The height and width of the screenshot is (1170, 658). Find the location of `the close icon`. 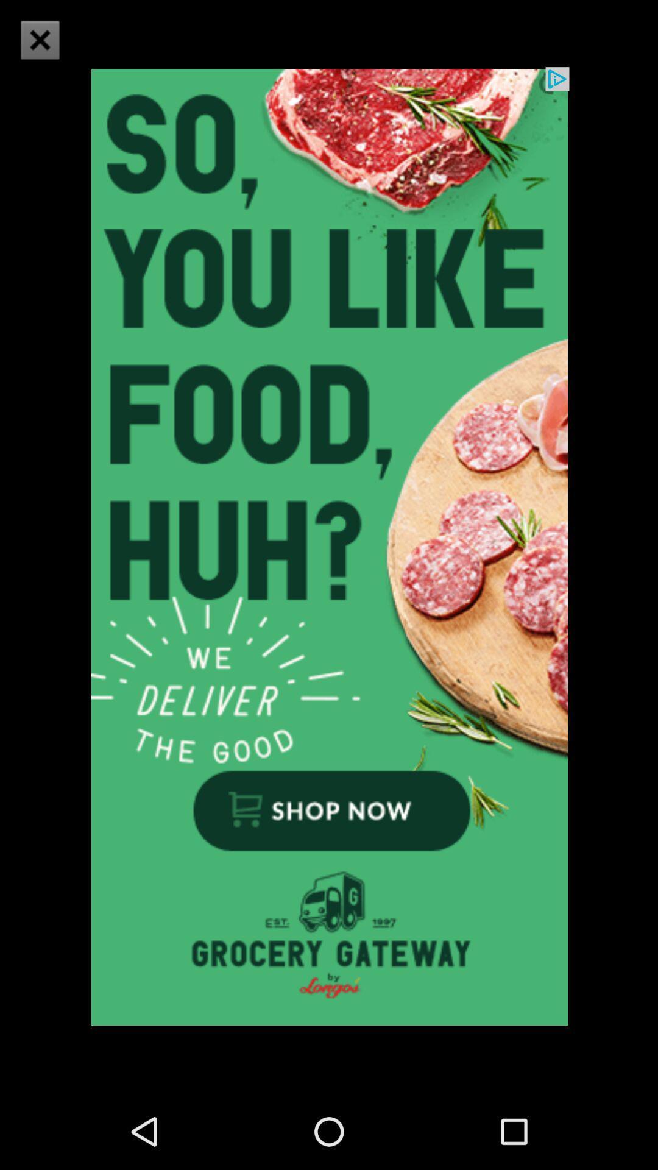

the close icon is located at coordinates (47, 51).